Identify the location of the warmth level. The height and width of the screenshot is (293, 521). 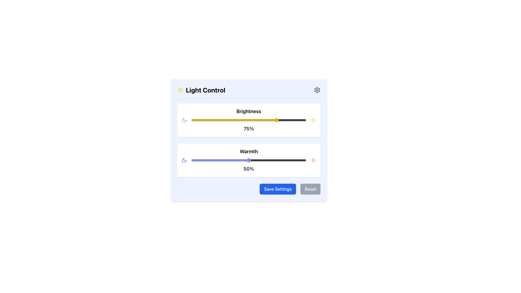
(276, 160).